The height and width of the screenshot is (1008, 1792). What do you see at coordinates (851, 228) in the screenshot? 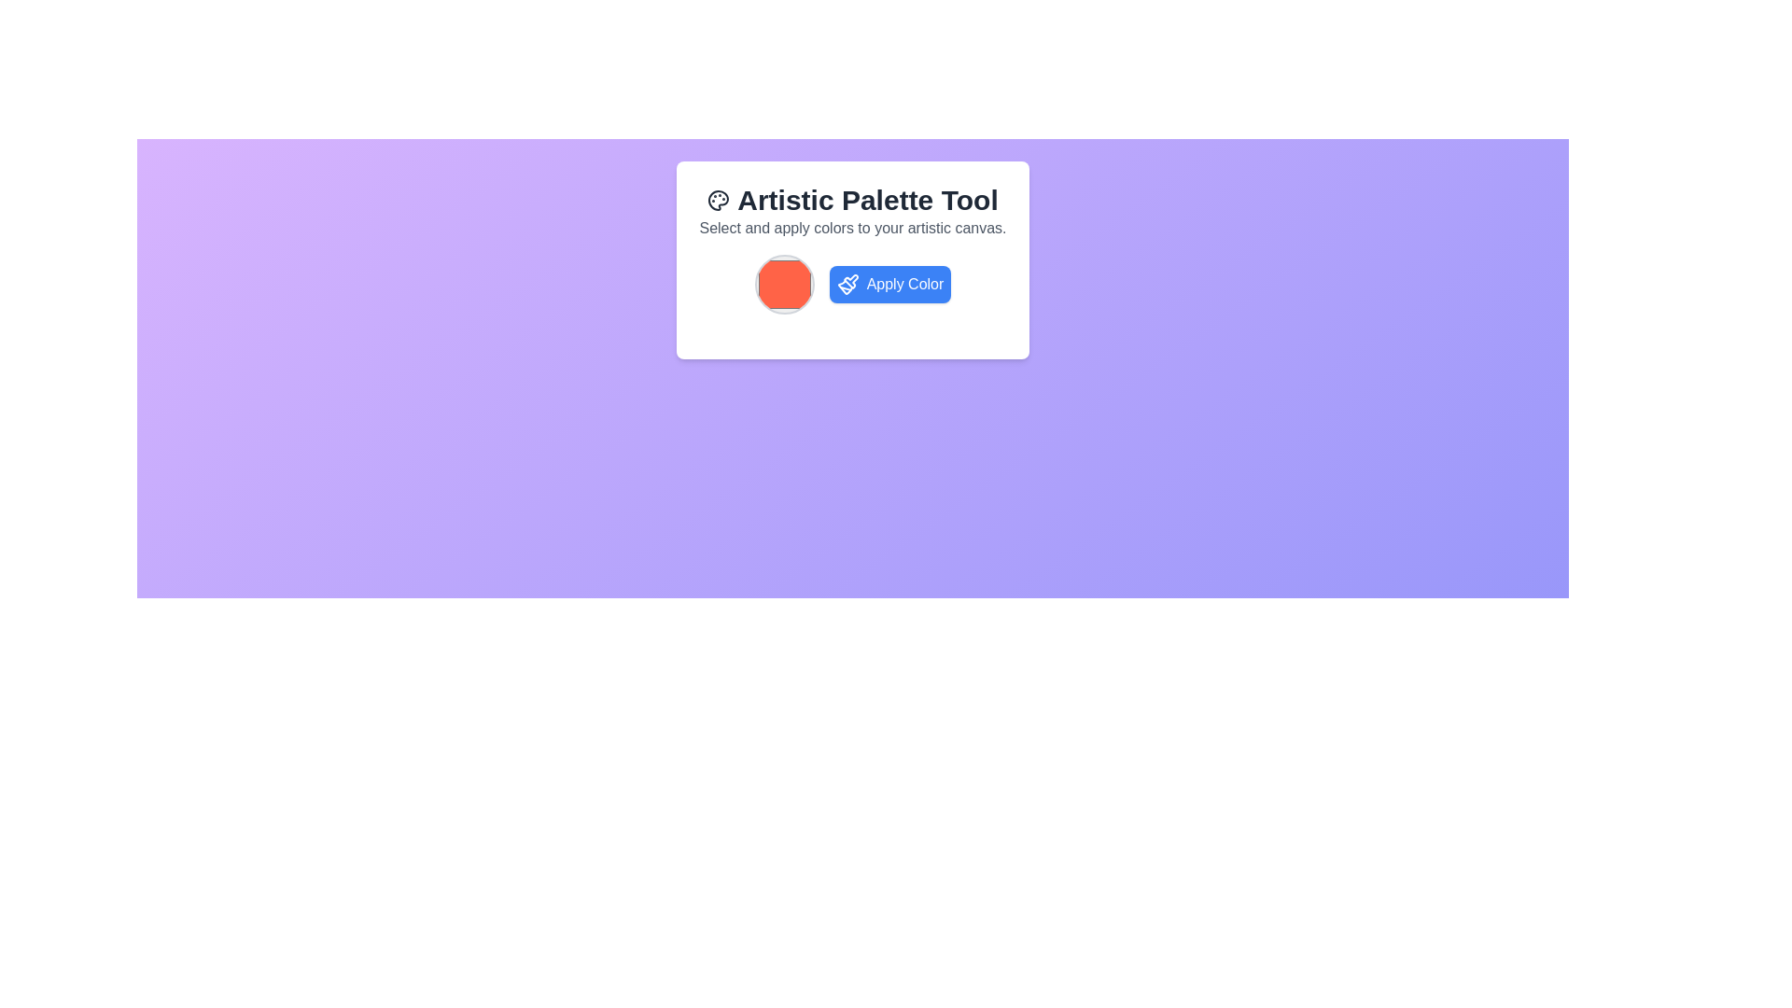
I see `the static text block that reads 'Select and apply colors to your artistic canvas.' located below the 'Artistic Palette Tool' title` at bounding box center [851, 228].